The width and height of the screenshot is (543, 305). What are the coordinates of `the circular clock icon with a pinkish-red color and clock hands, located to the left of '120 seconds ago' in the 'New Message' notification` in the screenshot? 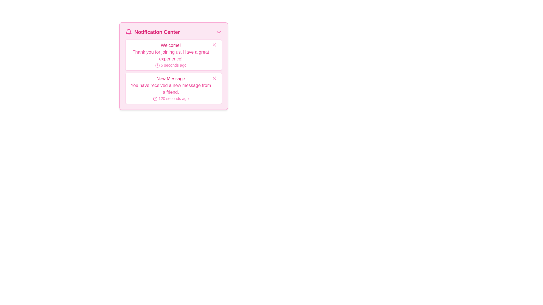 It's located at (155, 99).